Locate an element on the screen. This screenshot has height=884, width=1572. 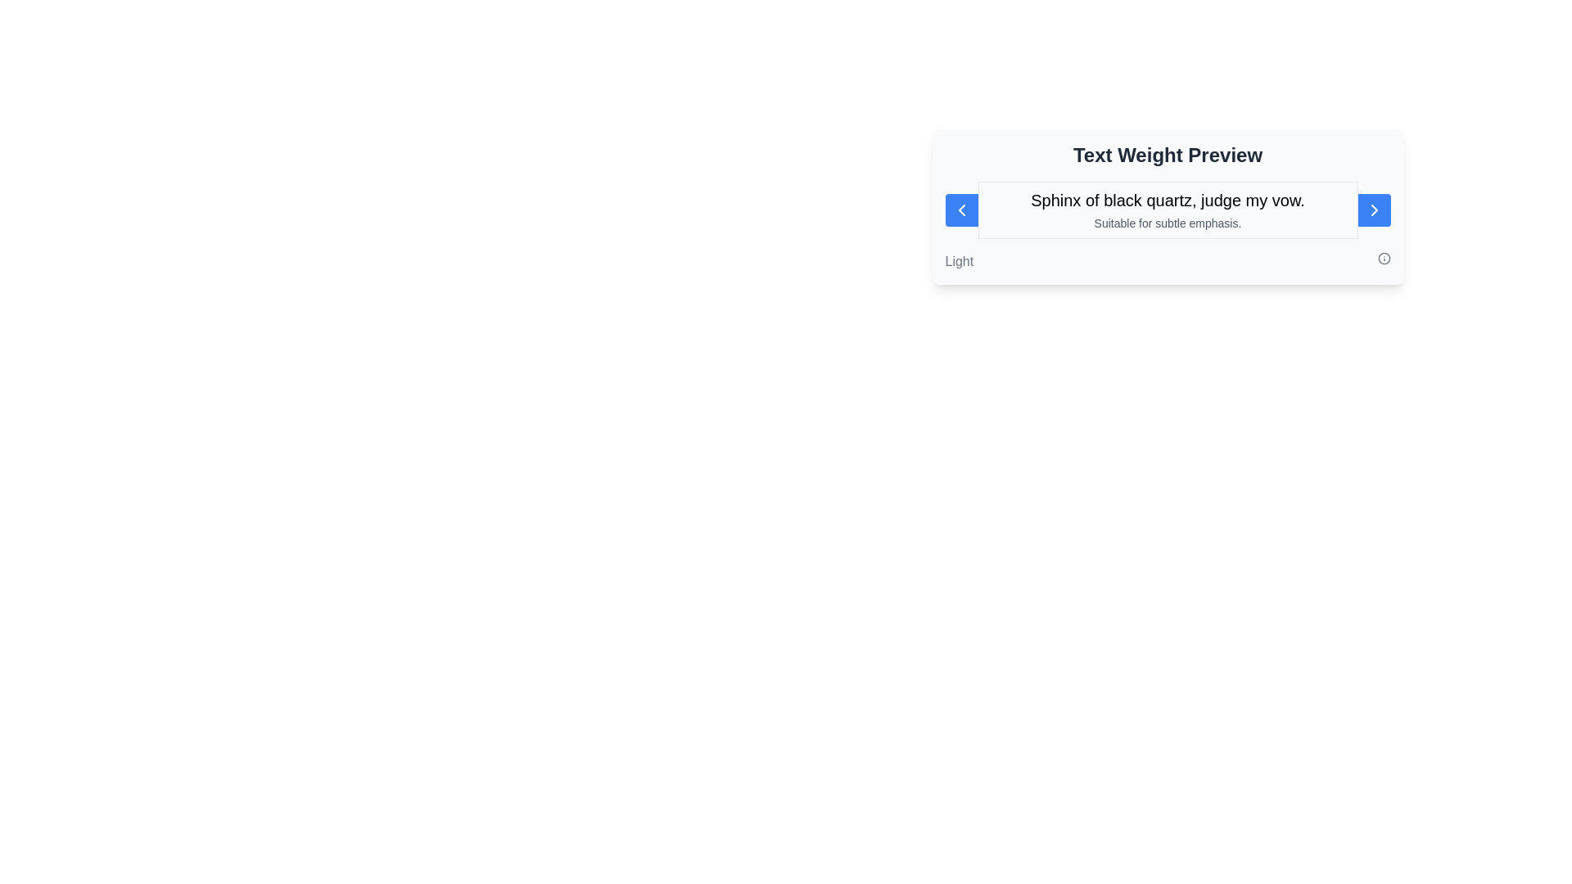
the Information Icon is located at coordinates (1383, 258).